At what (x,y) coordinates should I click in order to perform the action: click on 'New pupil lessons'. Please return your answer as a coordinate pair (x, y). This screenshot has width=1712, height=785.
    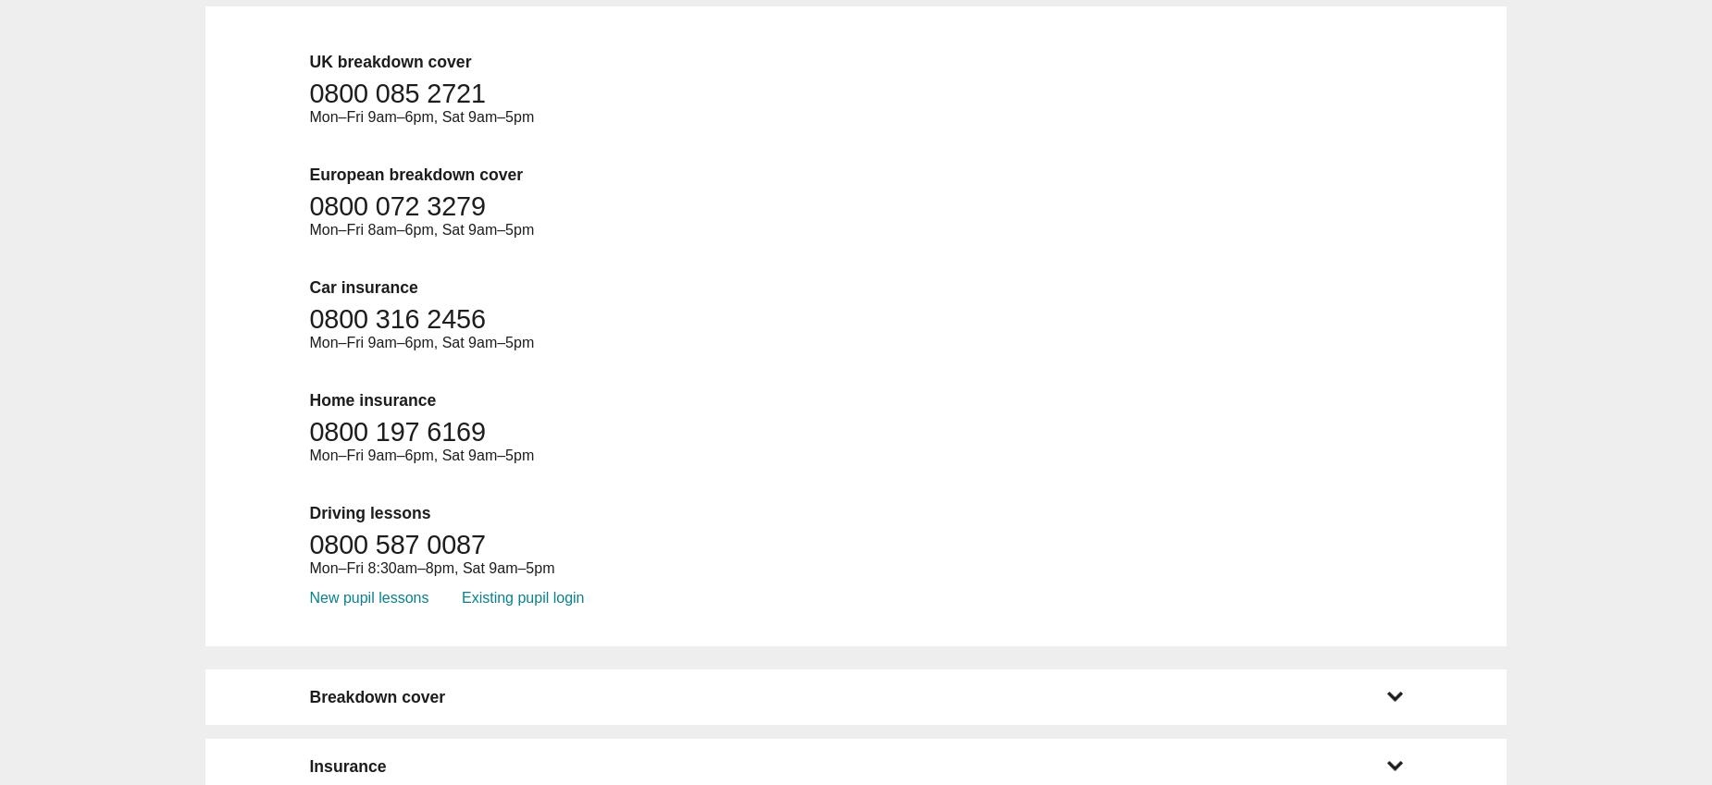
    Looking at the image, I should click on (367, 596).